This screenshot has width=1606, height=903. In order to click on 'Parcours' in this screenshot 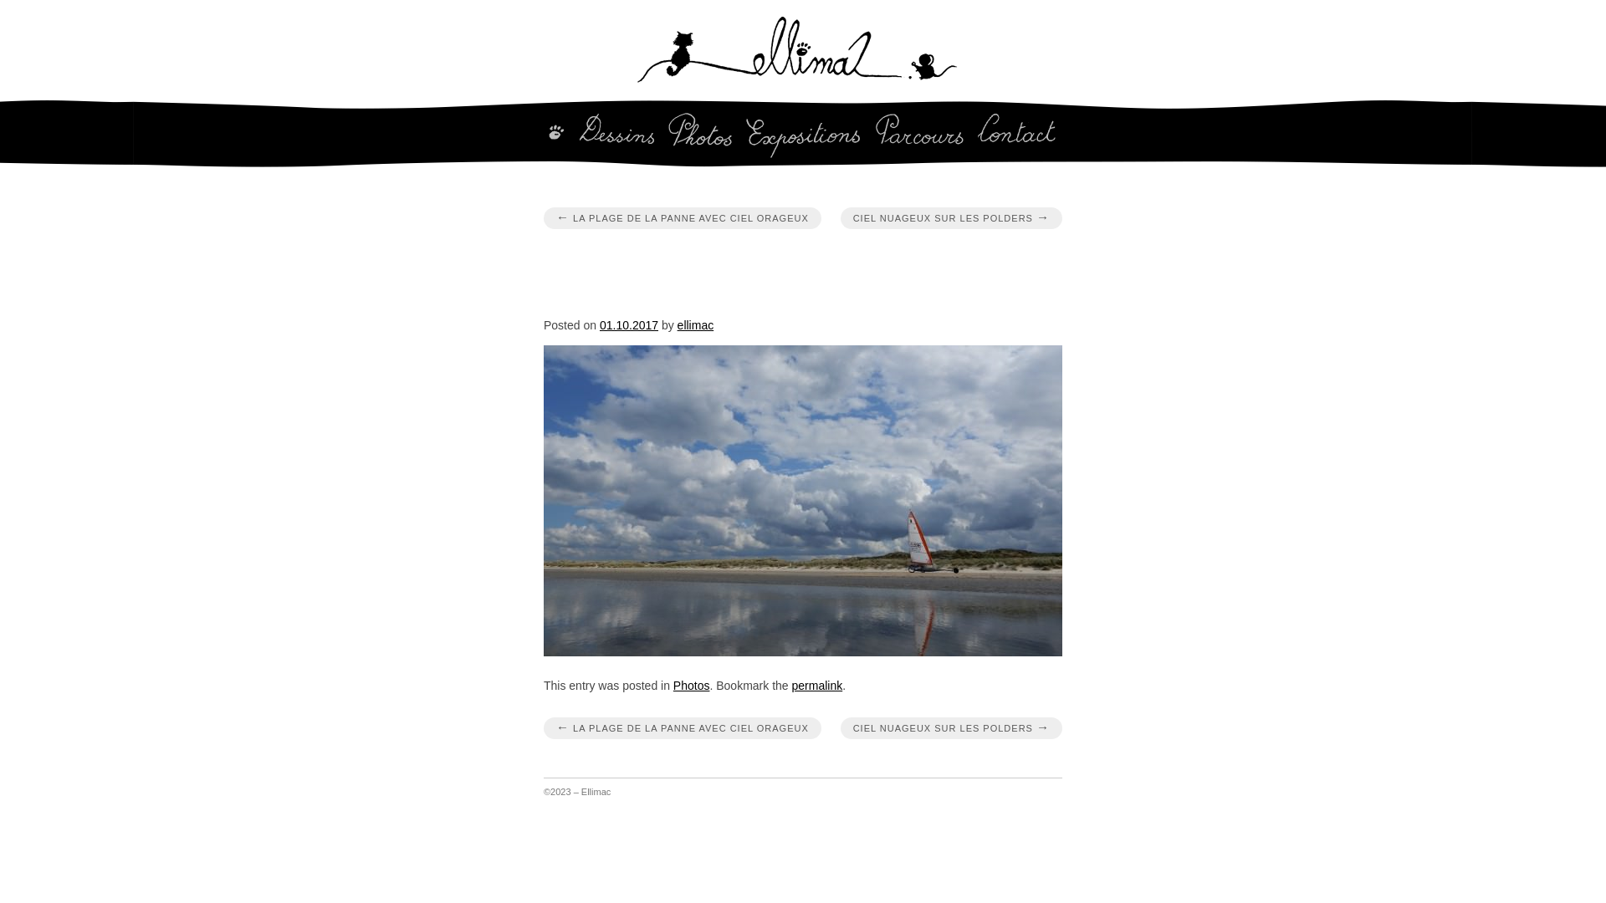, I will do `click(874, 135)`.